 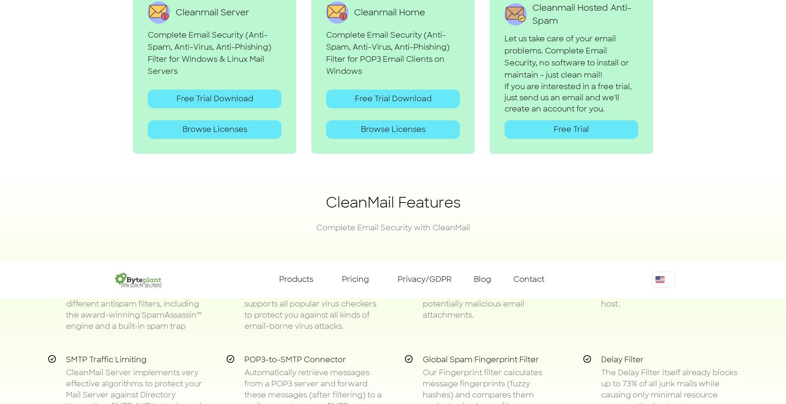 I want to click on 'Apr 14, 2021', so click(x=495, y=10).